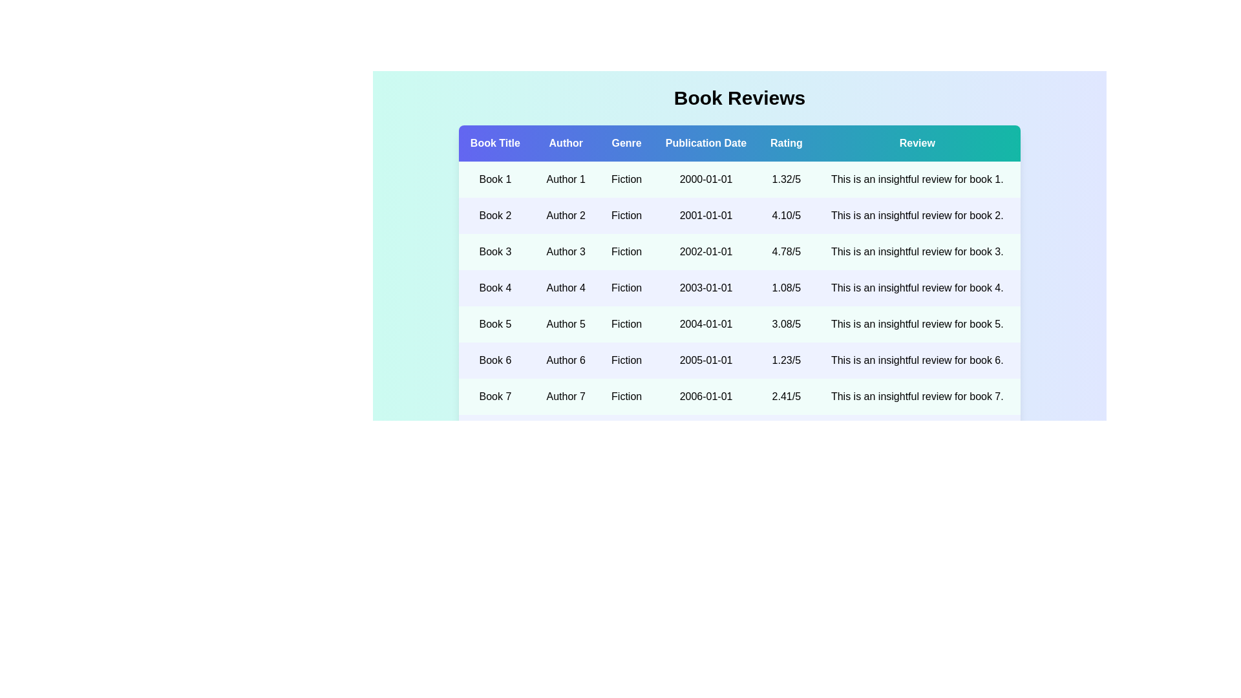 The image size is (1241, 698). I want to click on the column header Genre to sort the data by that column, so click(626, 143).